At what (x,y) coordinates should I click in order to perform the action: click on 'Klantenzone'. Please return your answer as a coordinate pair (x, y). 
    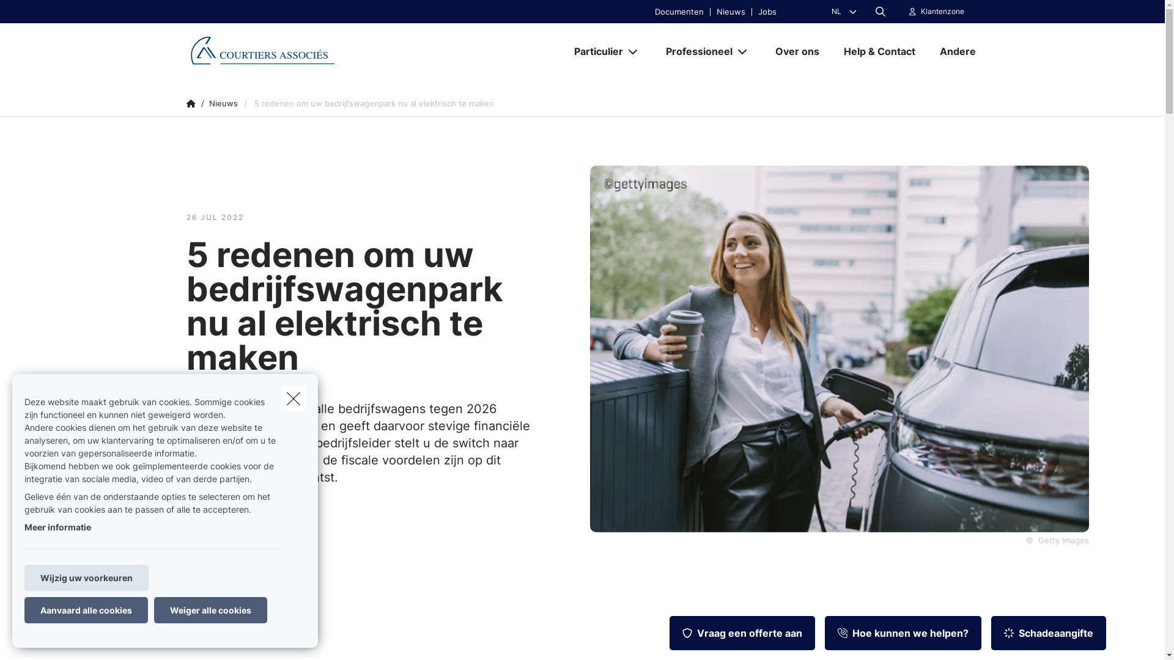
    Looking at the image, I should click on (895, 12).